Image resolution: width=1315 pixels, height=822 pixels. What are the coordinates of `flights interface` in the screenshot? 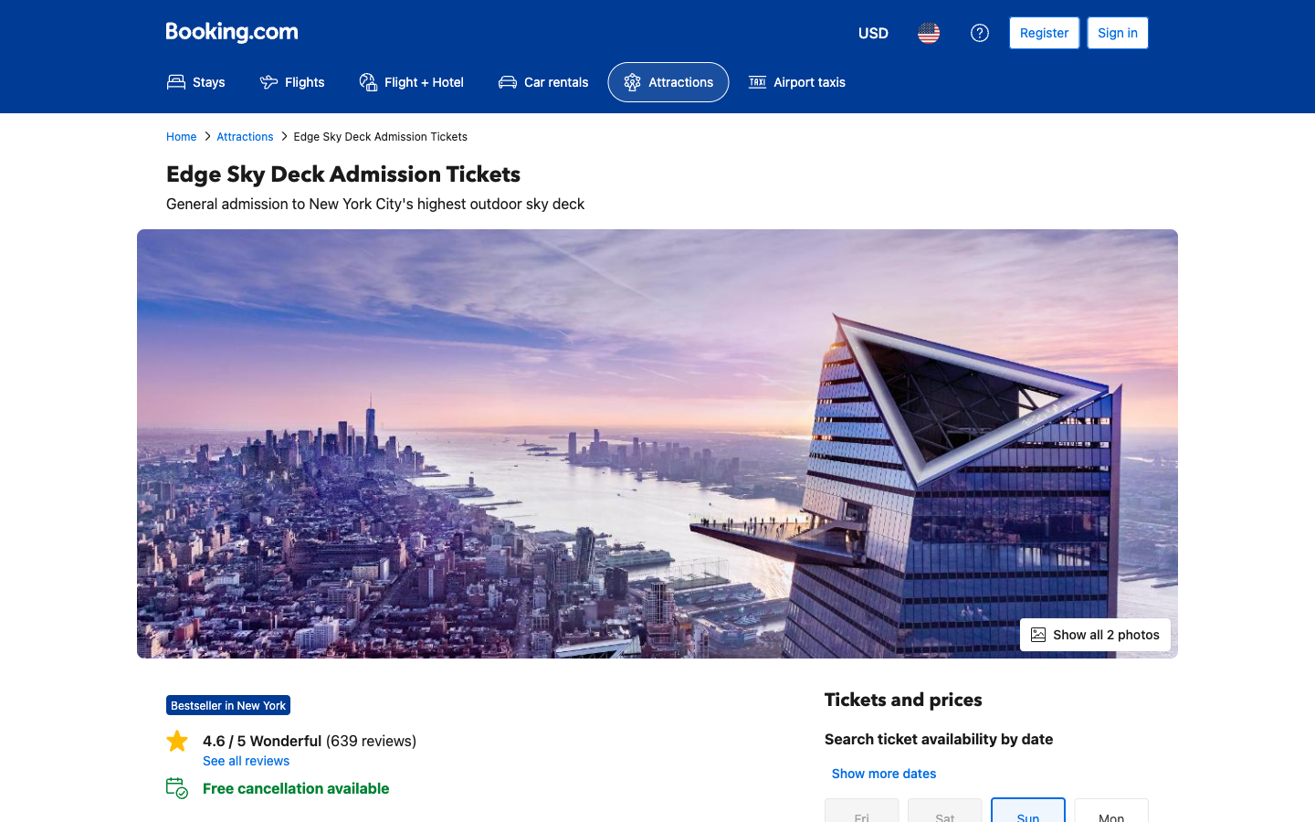 It's located at (291, 81).